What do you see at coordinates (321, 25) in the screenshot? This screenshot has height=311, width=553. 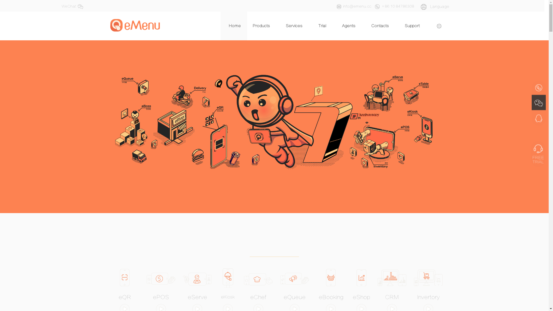 I see `'Trial'` at bounding box center [321, 25].